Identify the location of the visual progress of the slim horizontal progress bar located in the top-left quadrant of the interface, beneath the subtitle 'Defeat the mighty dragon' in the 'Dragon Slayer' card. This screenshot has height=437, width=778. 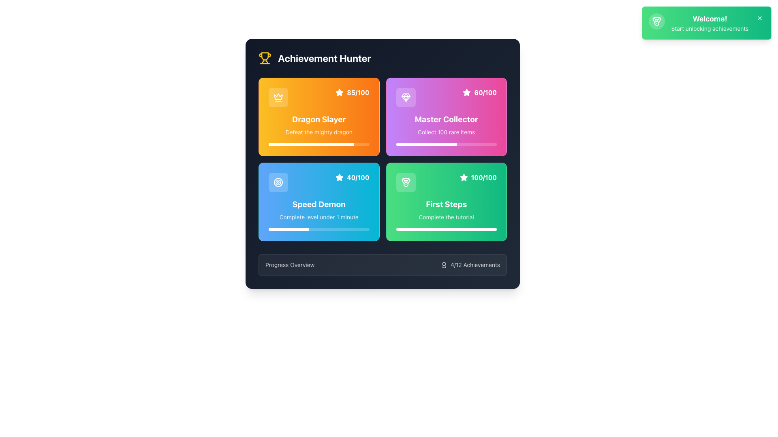
(318, 144).